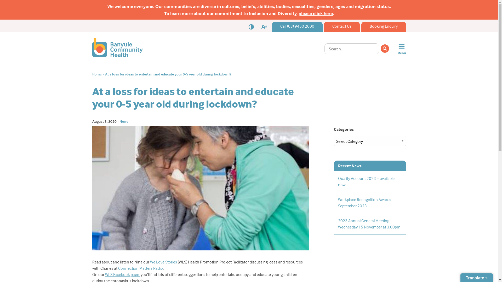 Image resolution: width=502 pixels, height=282 pixels. I want to click on 'Contrast', so click(251, 26).